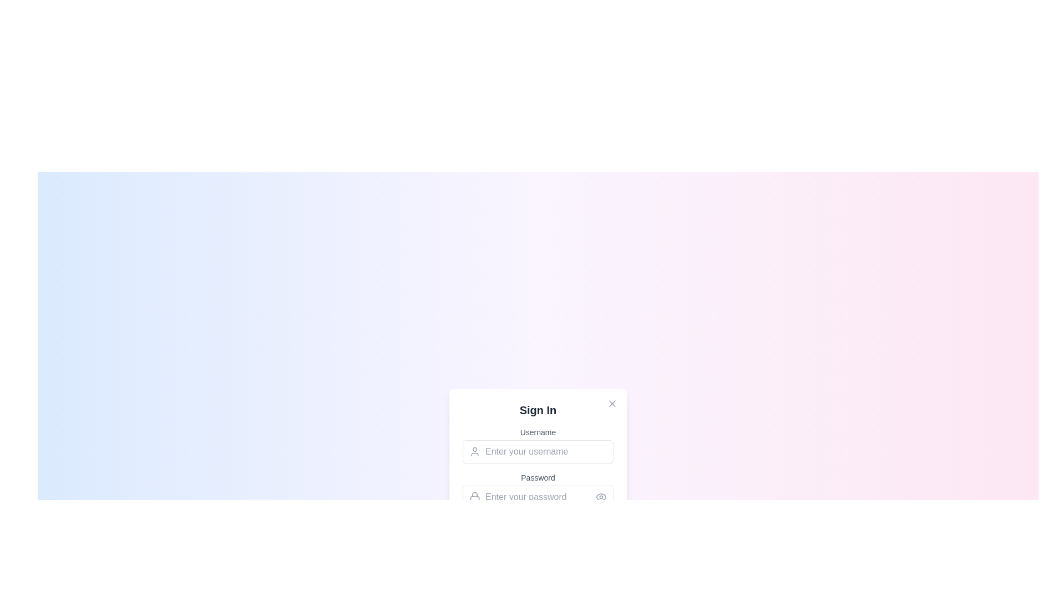 The width and height of the screenshot is (1064, 598). What do you see at coordinates (538, 497) in the screenshot?
I see `the password input field styled with placeholder text 'Enter your password', which is located beneath the 'Password' label in the form` at bounding box center [538, 497].